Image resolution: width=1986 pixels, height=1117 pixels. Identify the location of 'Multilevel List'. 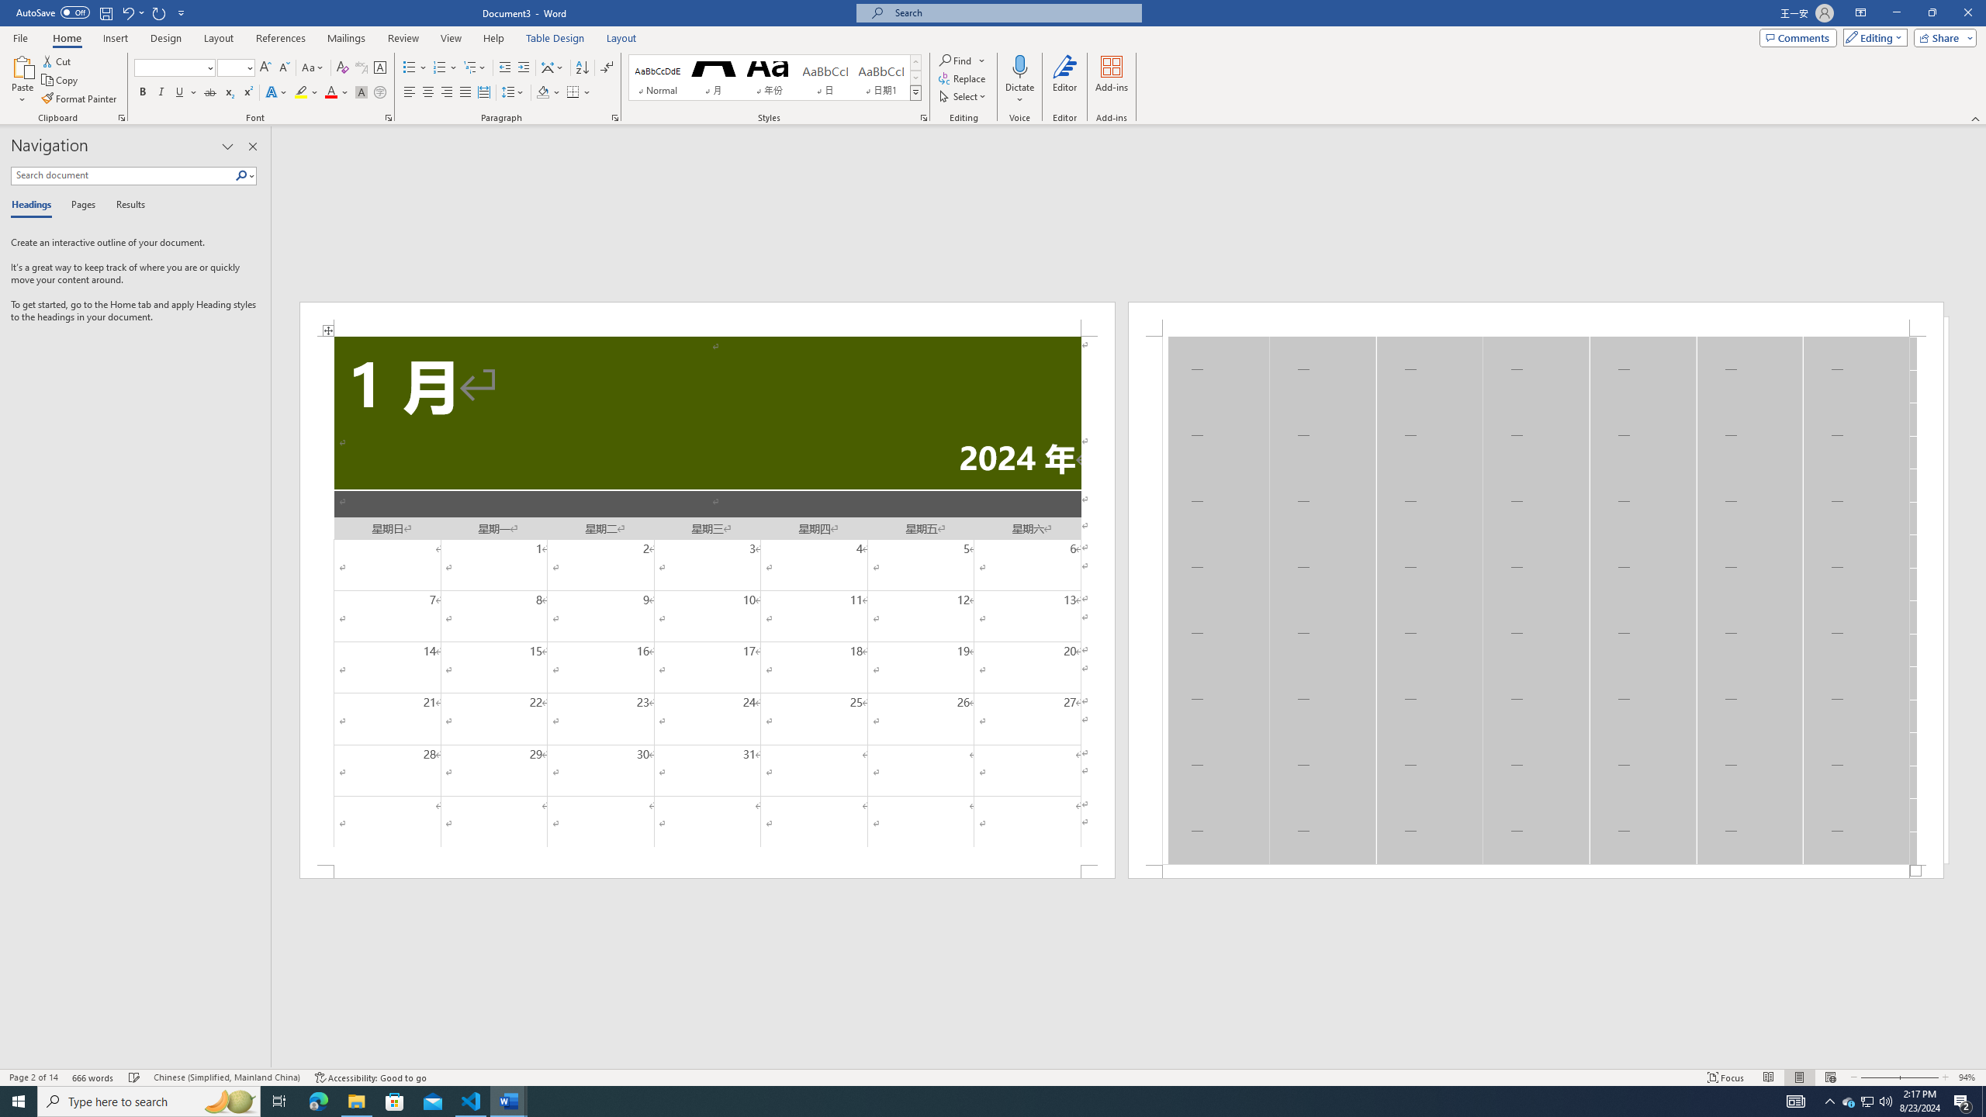
(474, 67).